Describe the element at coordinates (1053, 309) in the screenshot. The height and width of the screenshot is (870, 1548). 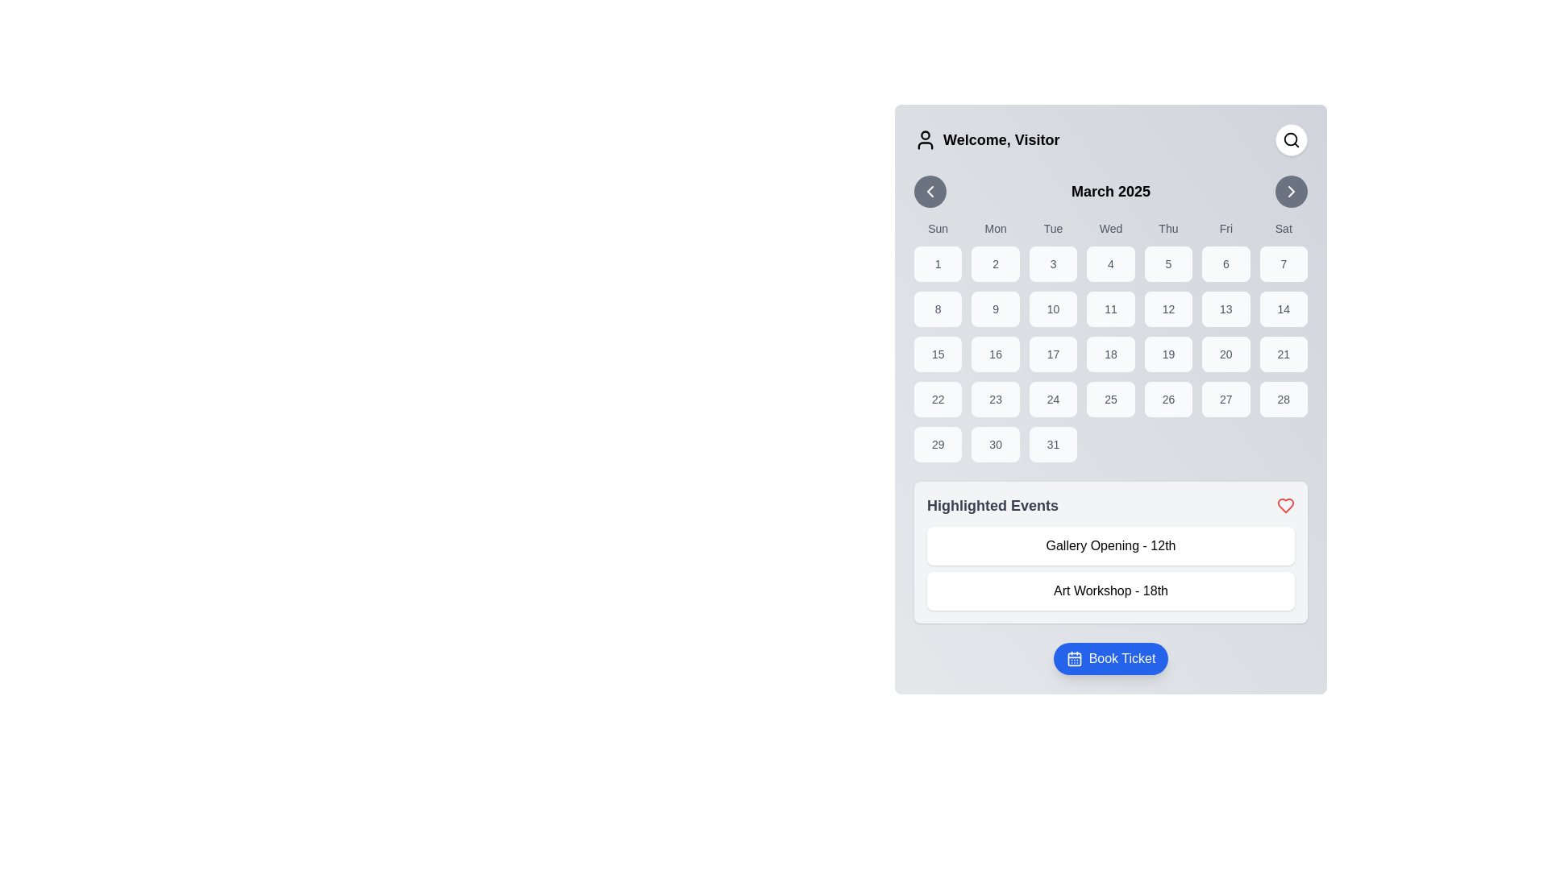
I see `the calendar button representing the 10th day of the month` at that location.